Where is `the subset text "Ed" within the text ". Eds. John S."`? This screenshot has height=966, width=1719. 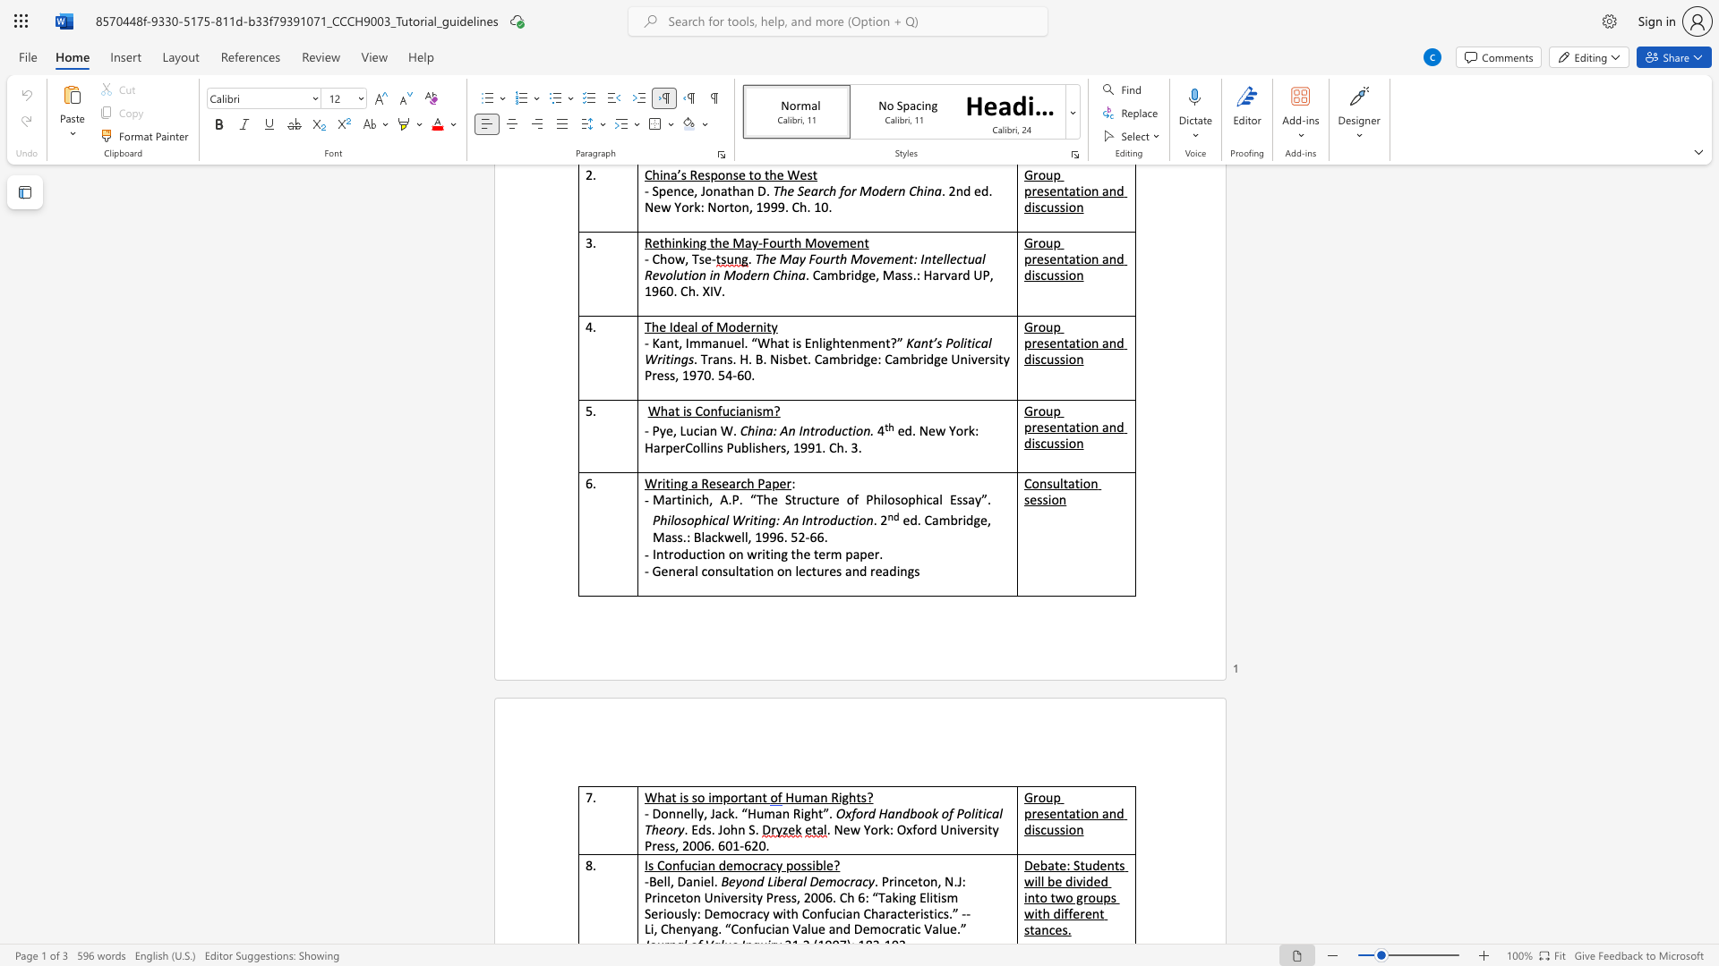
the subset text "Ed" within the text ". Eds. John S." is located at coordinates (690, 829).